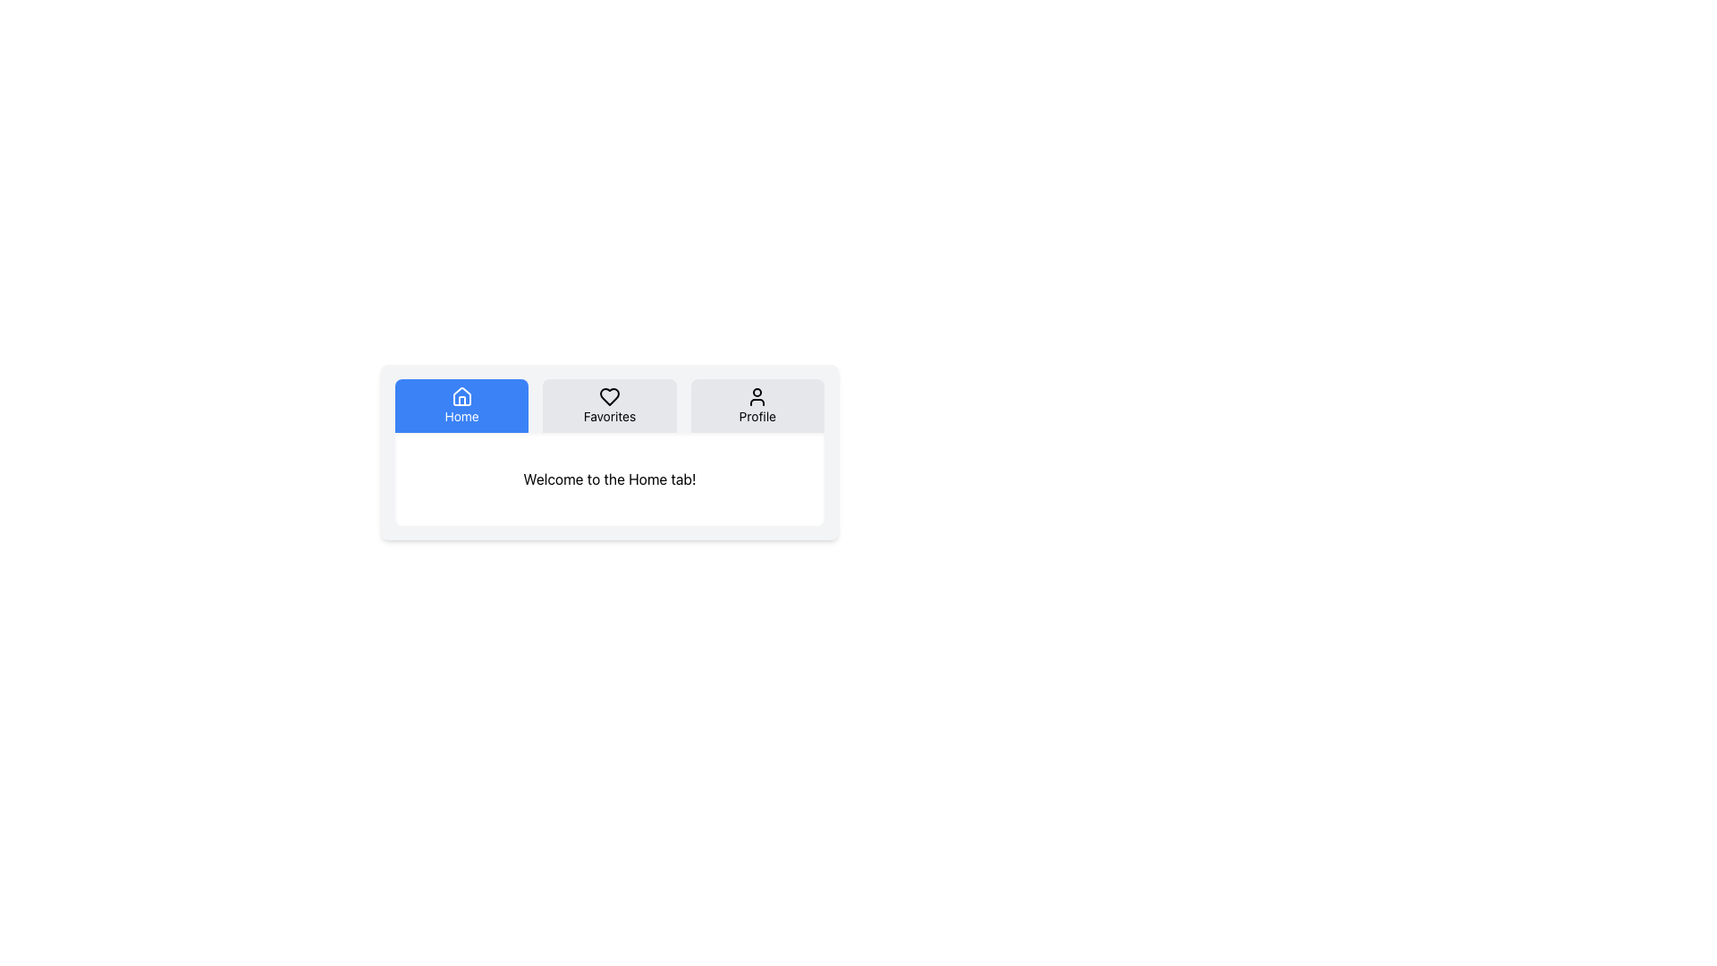 The height and width of the screenshot is (966, 1717). What do you see at coordinates (609, 479) in the screenshot?
I see `the static informational text area that displays 'Welcome to the Home tab!' with rounded bottom corners and a subtle shadow effect` at bounding box center [609, 479].